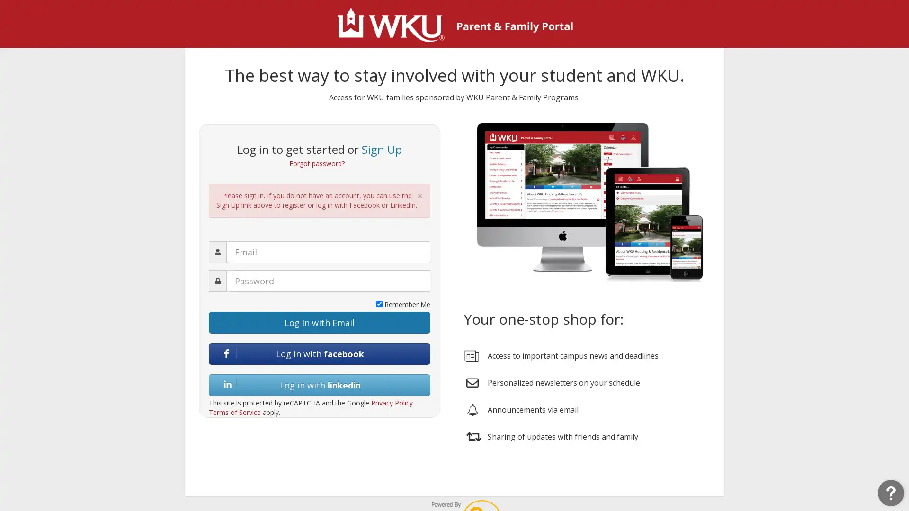 The height and width of the screenshot is (511, 909). I want to click on Log in with linkedin, so click(320, 385).